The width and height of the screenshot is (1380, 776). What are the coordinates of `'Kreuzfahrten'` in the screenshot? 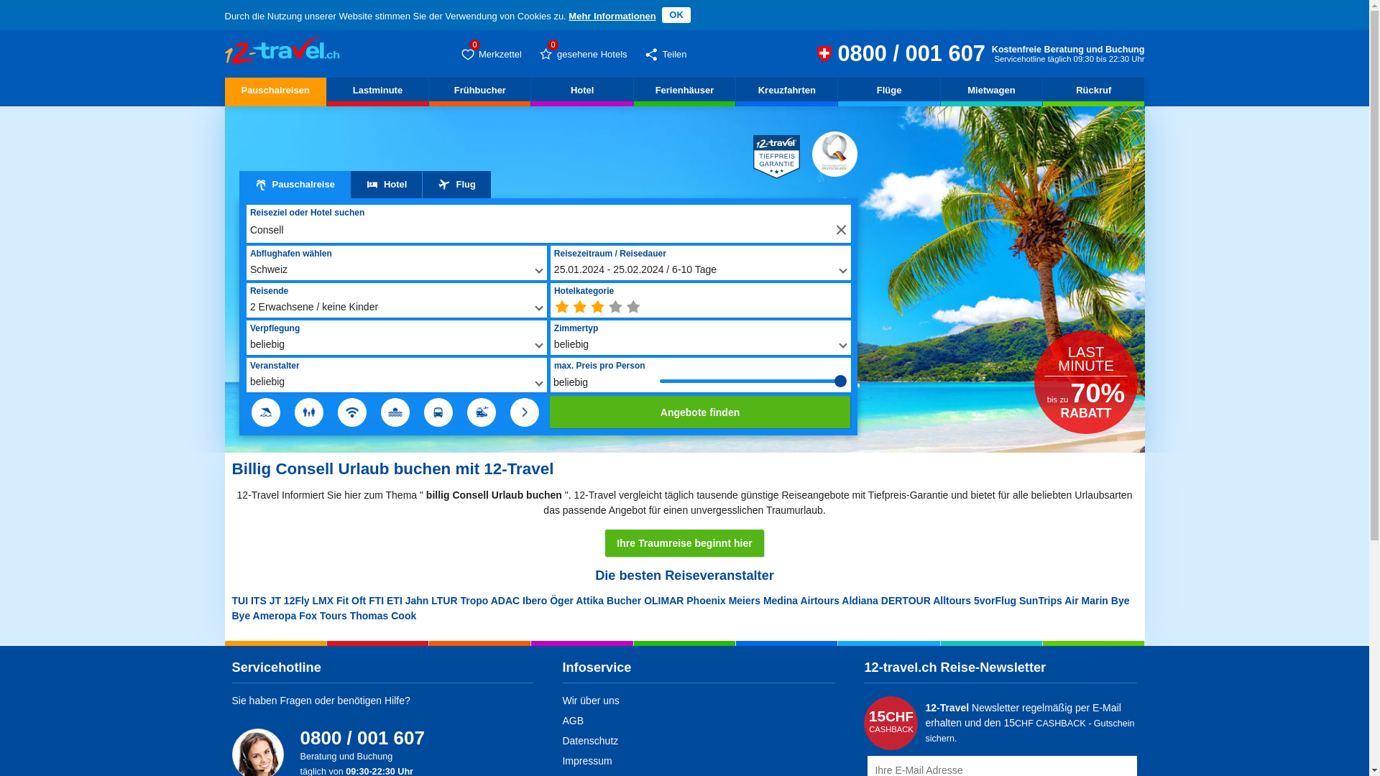 It's located at (786, 91).